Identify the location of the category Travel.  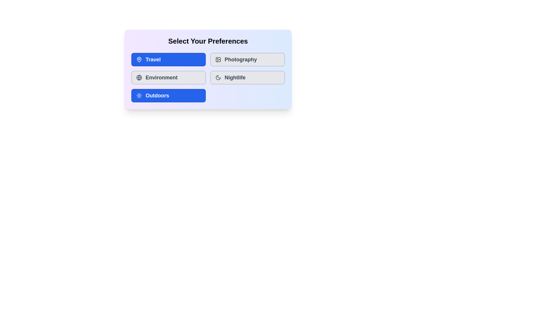
(168, 59).